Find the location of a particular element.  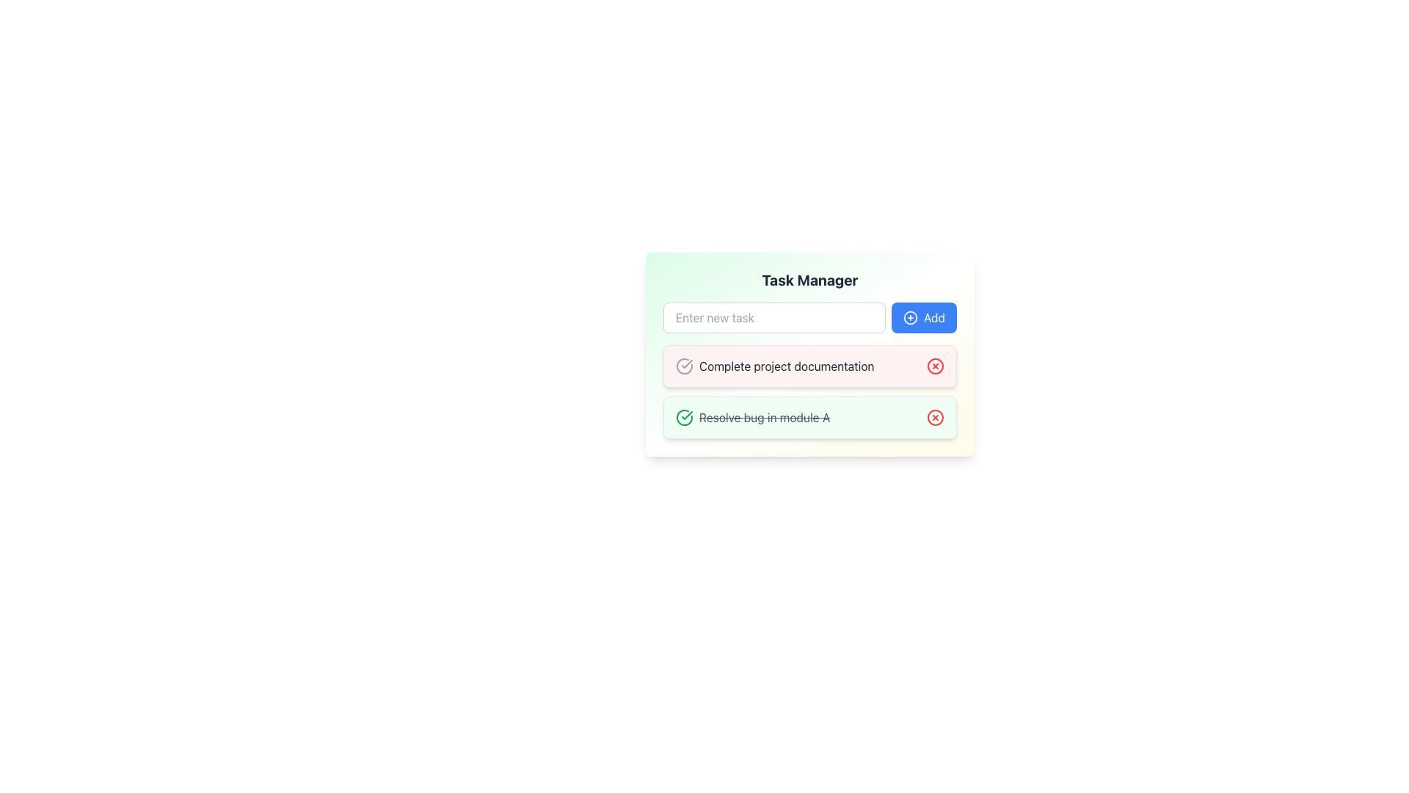

the Label with Icon that displays the name of a task, which includes a checkmark icon indicating its completion status is located at coordinates (774, 365).